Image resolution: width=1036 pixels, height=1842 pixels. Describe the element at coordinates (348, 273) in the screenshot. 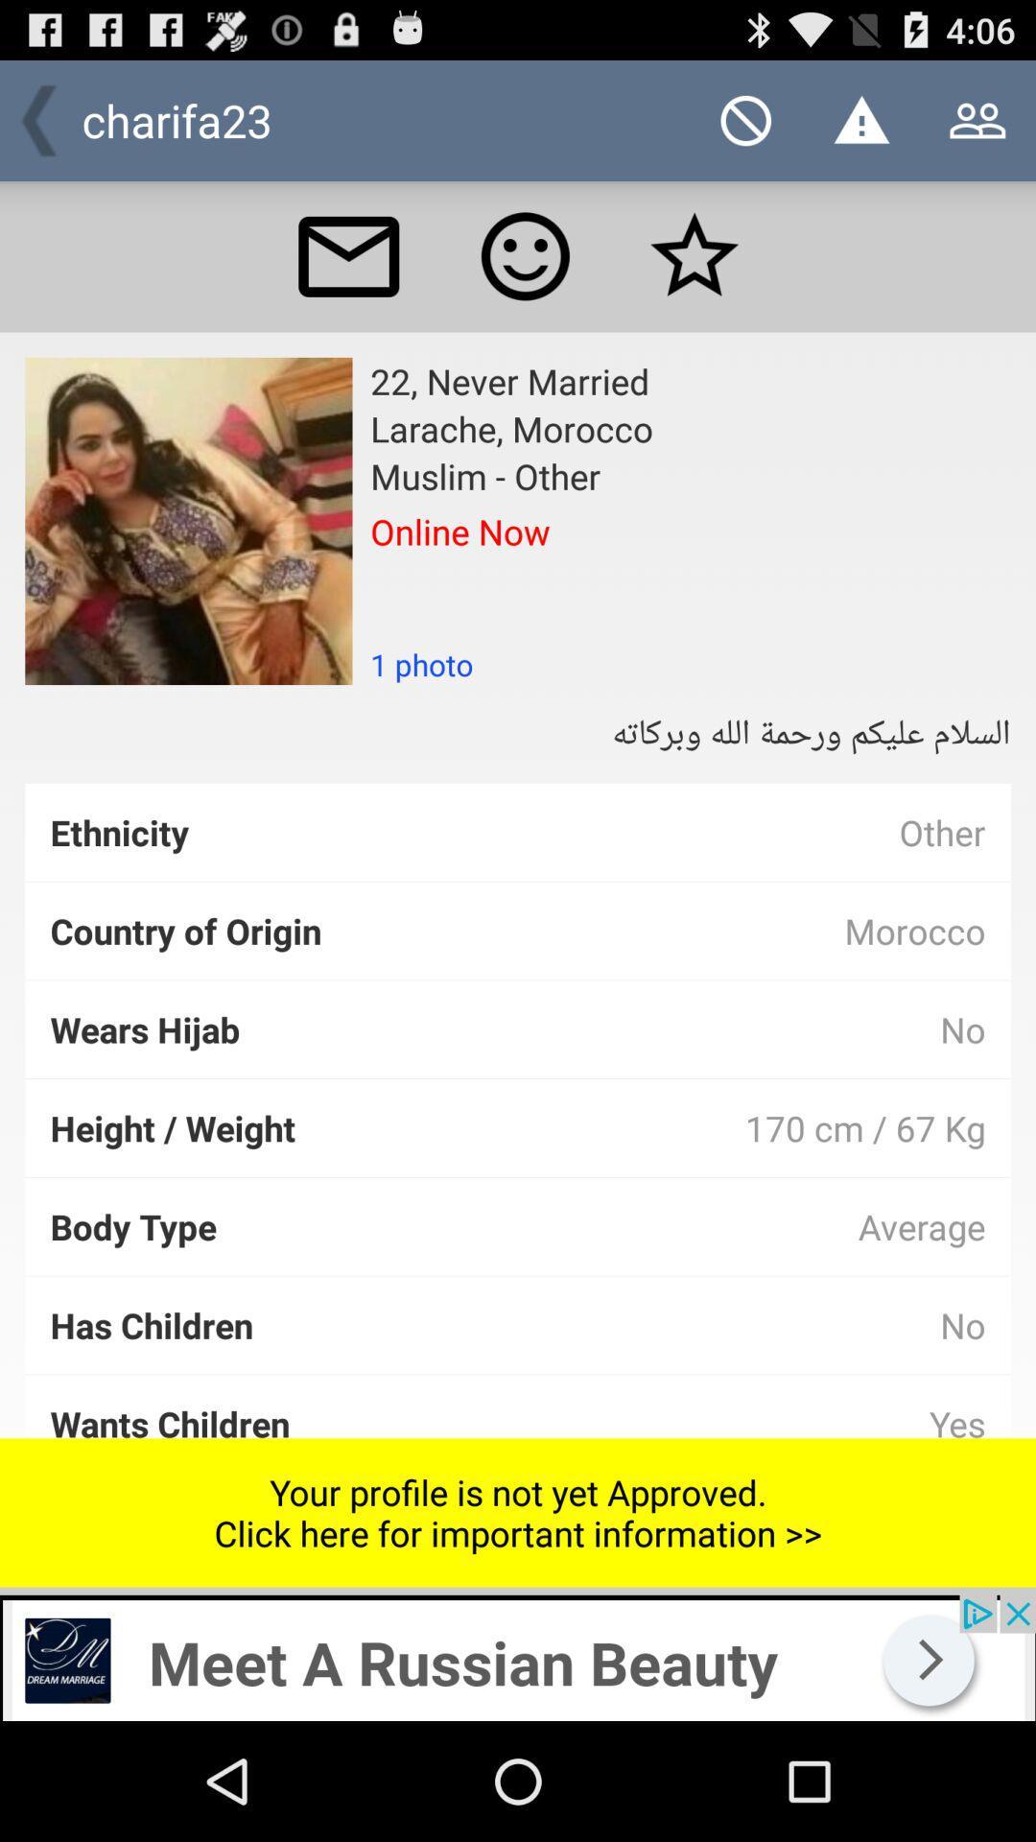

I see `the email icon` at that location.